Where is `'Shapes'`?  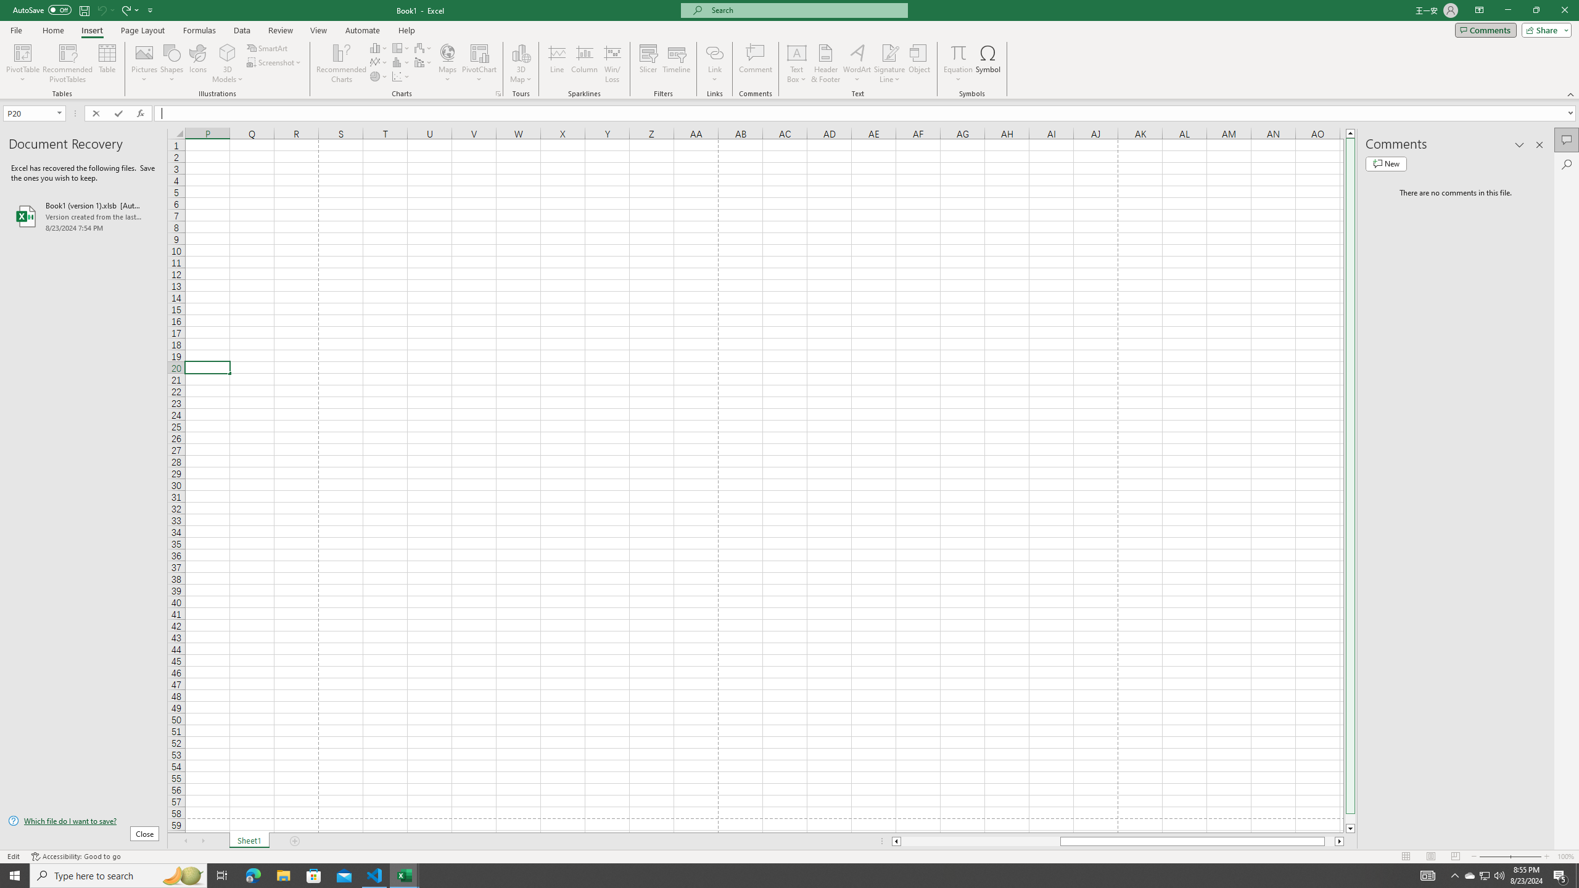
'Shapes' is located at coordinates (171, 64).